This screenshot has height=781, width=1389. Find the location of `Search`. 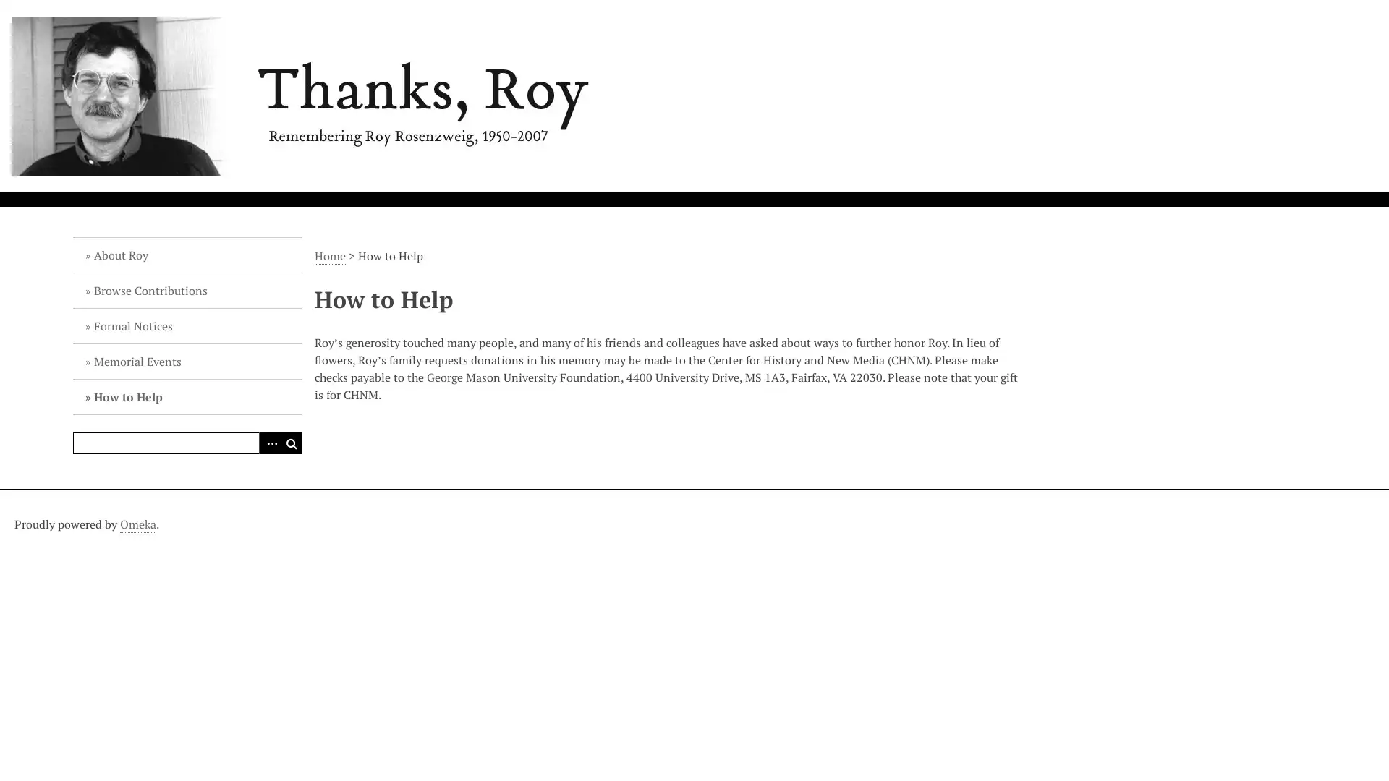

Search is located at coordinates (291, 443).